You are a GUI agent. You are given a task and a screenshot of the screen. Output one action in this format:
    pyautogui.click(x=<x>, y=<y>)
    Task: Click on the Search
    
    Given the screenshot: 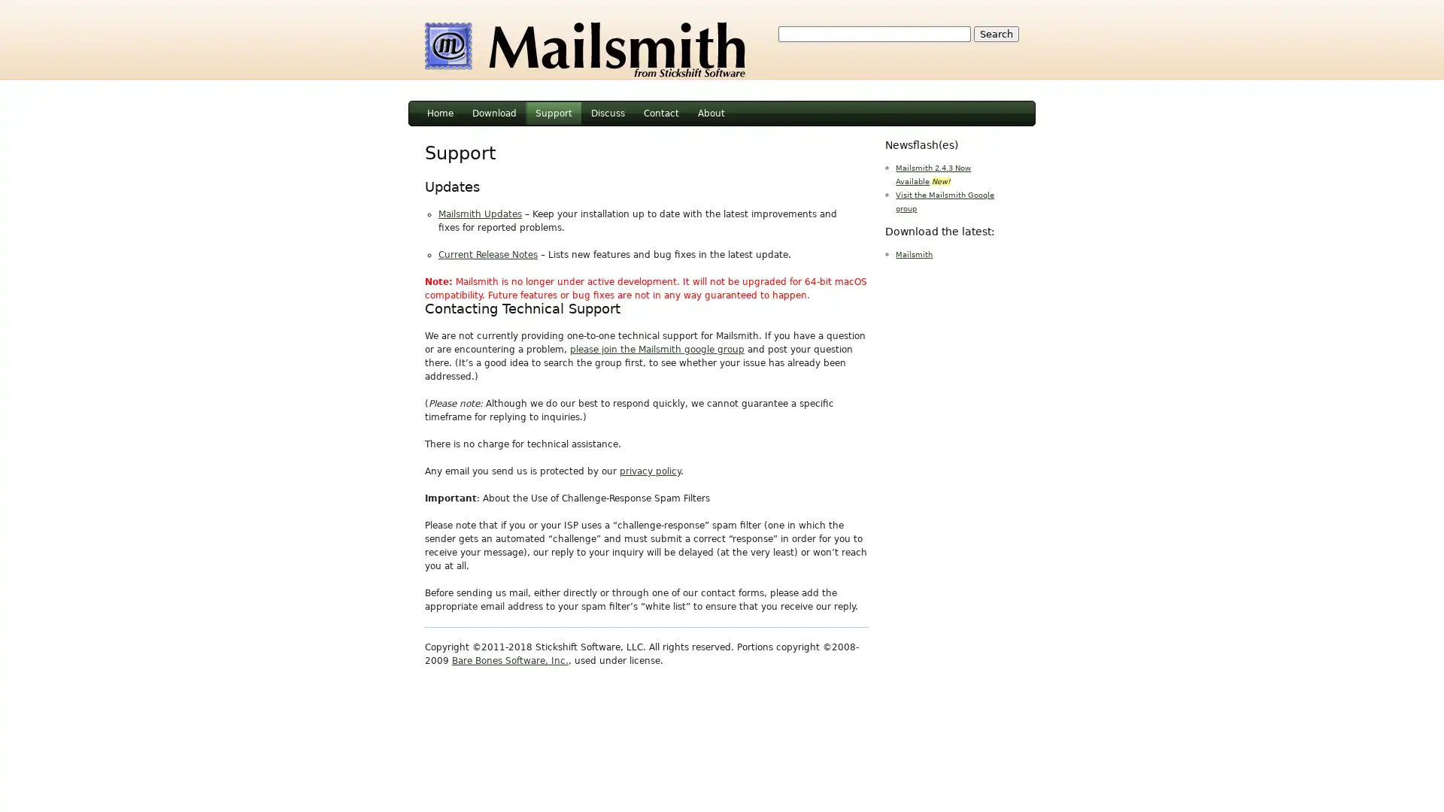 What is the action you would take?
    pyautogui.click(x=996, y=34)
    